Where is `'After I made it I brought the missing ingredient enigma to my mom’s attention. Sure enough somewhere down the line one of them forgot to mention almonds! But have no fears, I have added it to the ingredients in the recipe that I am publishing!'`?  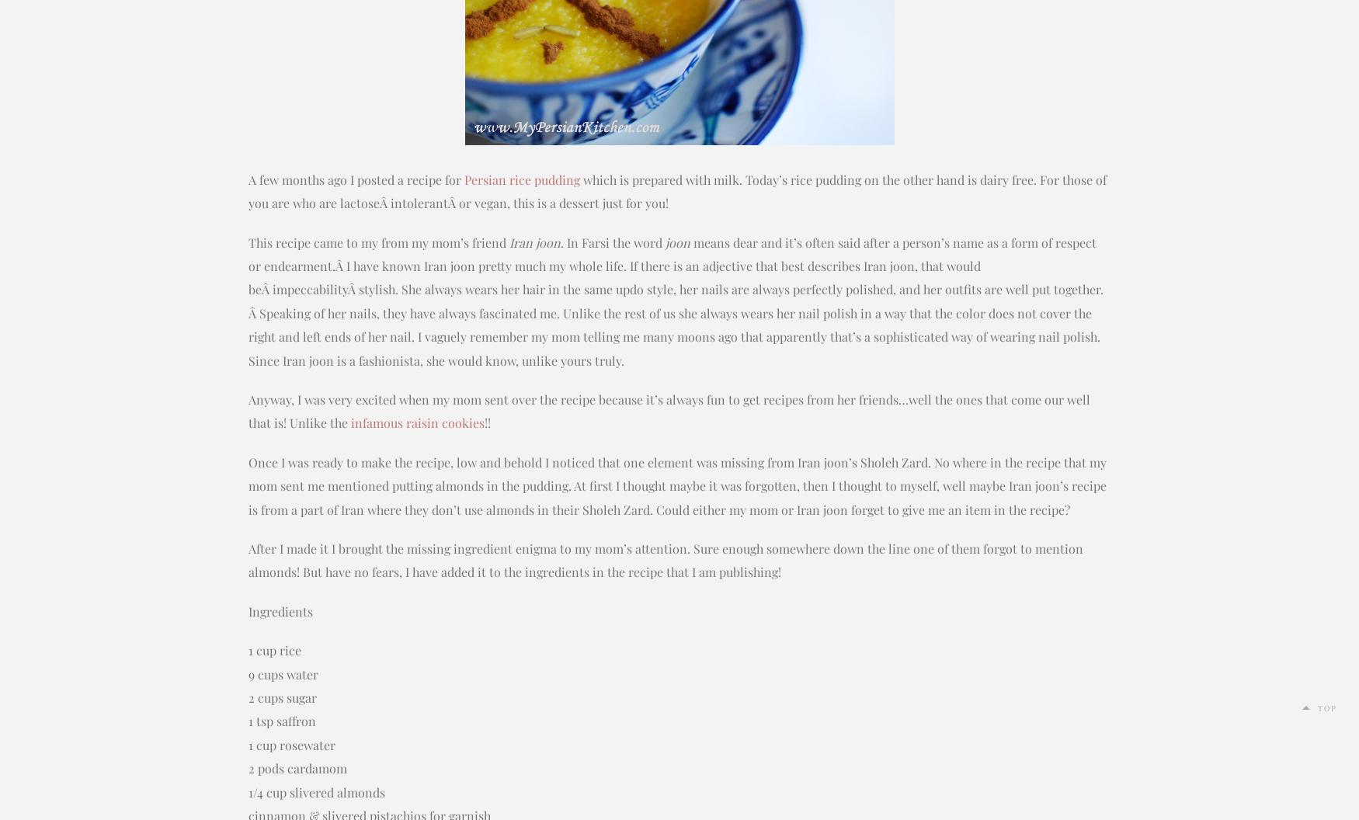 'After I made it I brought the missing ingredient enigma to my mom’s attention. Sure enough somewhere down the line one of them forgot to mention almonds! But have no fears, I have added it to the ingredients in the recipe that I am publishing!' is located at coordinates (666, 560).